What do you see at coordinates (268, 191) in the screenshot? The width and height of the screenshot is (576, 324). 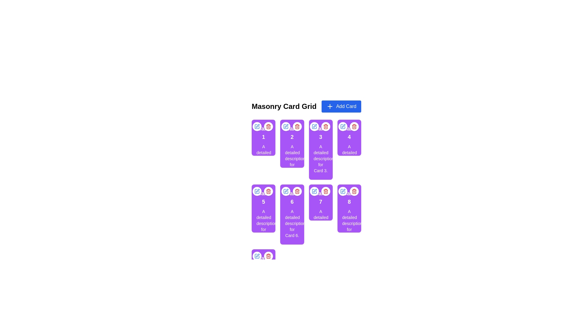 I see `the delete button located at the top-right corner of the card labeled '5', which is the second button in a row of two buttons on the right` at bounding box center [268, 191].